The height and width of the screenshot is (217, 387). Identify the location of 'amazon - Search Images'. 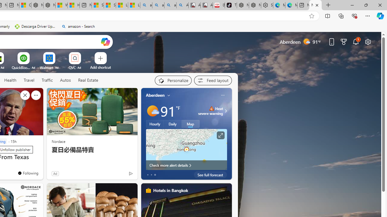
(170, 5).